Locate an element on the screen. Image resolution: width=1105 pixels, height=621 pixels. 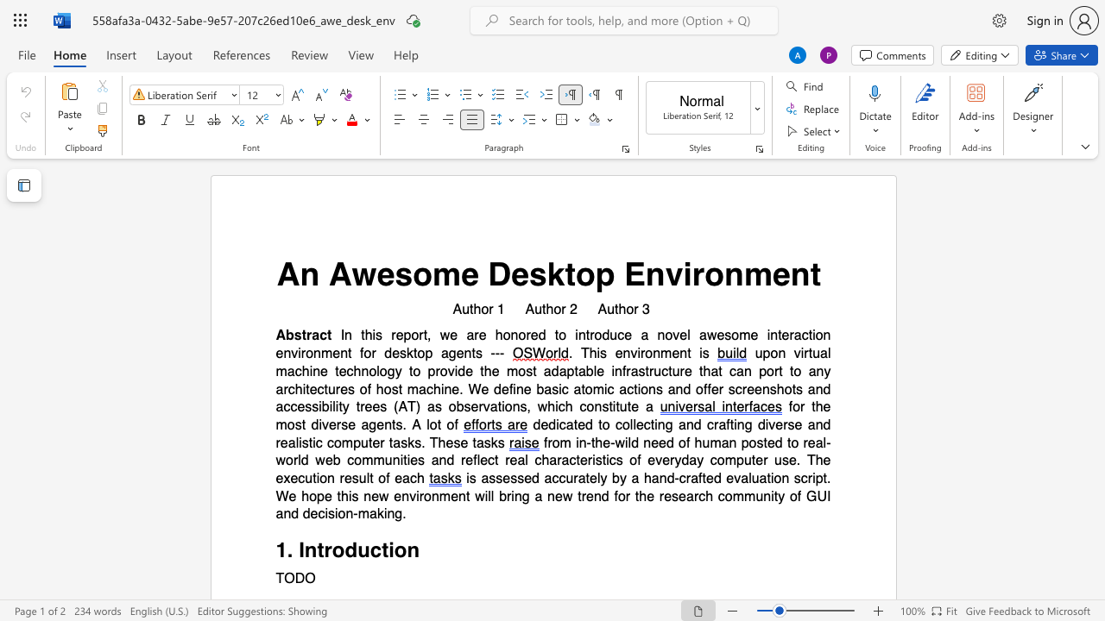
the space between the continuous character "i" and "o" in the text is located at coordinates (773, 479).